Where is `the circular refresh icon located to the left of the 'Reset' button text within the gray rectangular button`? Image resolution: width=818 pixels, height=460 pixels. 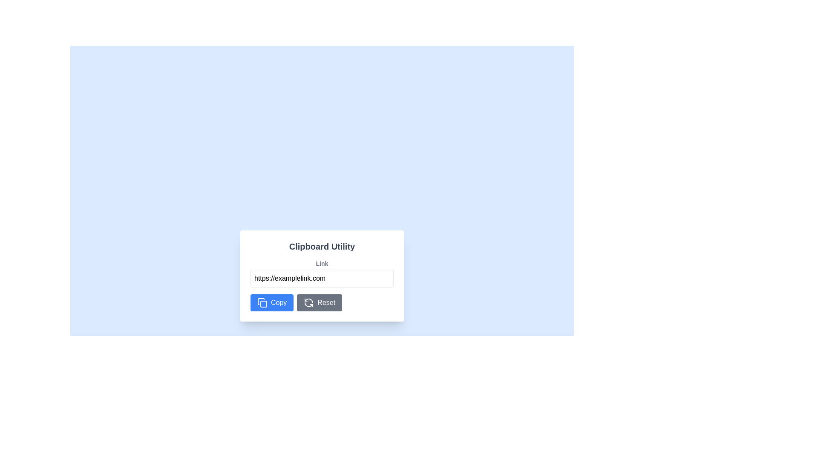 the circular refresh icon located to the left of the 'Reset' button text within the gray rectangular button is located at coordinates (308, 302).